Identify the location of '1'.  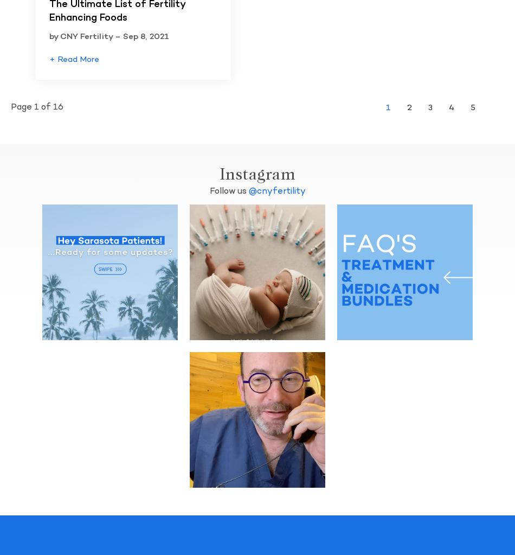
(386, 107).